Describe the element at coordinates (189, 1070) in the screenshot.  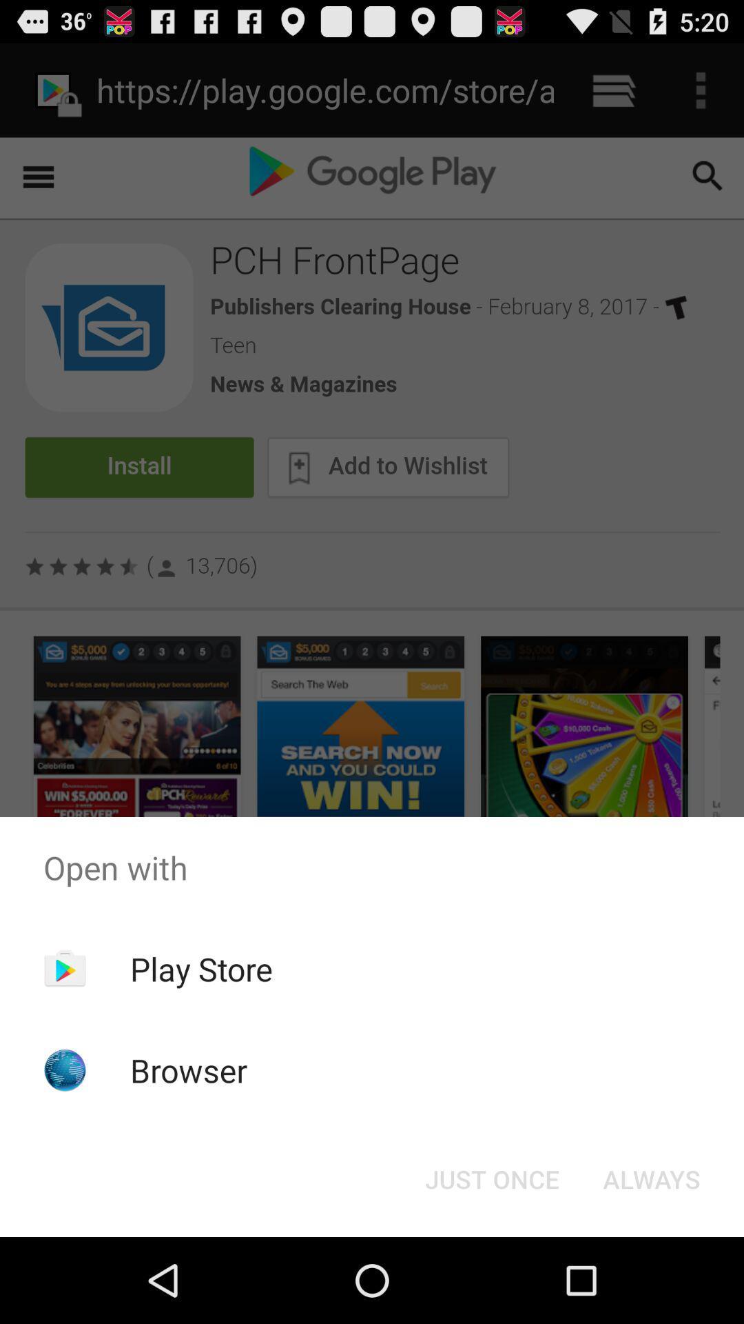
I see `icon below the play store item` at that location.